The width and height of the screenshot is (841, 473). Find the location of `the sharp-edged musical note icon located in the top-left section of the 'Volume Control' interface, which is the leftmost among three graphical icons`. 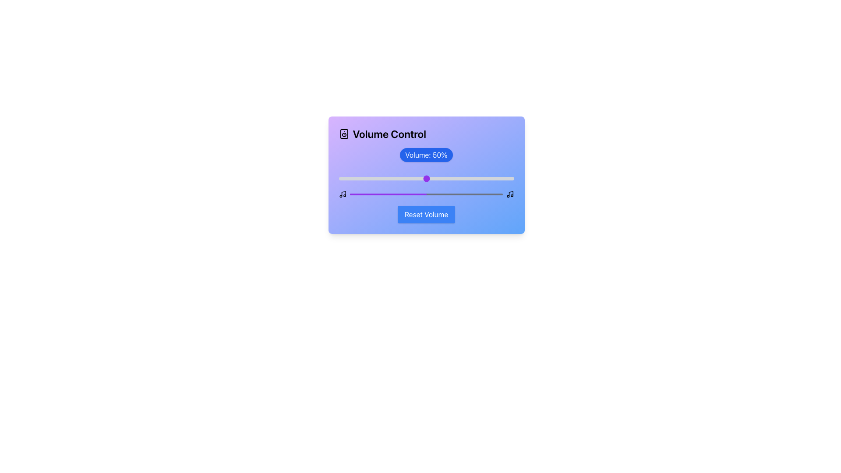

the sharp-edged musical note icon located in the top-left section of the 'Volume Control' interface, which is the leftmost among three graphical icons is located at coordinates (343, 193).